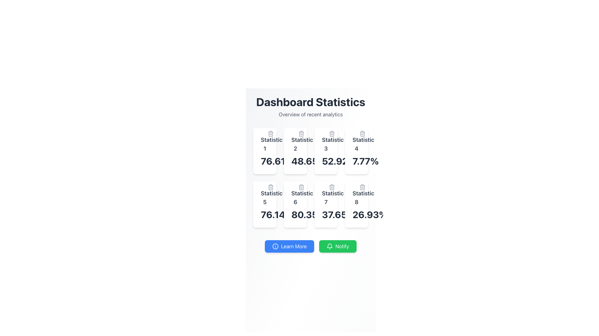 Image resolution: width=599 pixels, height=336 pixels. I want to click on the static text element that serves as the title or identifier for a card item located in the second row, third column of the grid layout, so click(326, 198).